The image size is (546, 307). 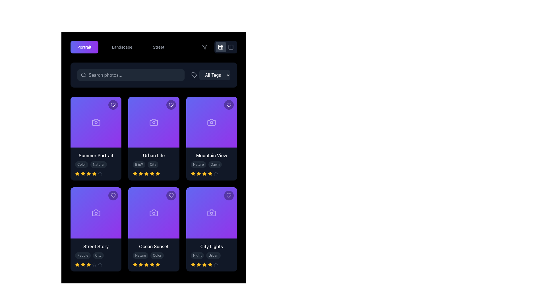 What do you see at coordinates (152, 264) in the screenshot?
I see `the fifth star icon in the 5-star rating system for the 'Ocean Sunset' card to rate the item as 5 stars` at bounding box center [152, 264].